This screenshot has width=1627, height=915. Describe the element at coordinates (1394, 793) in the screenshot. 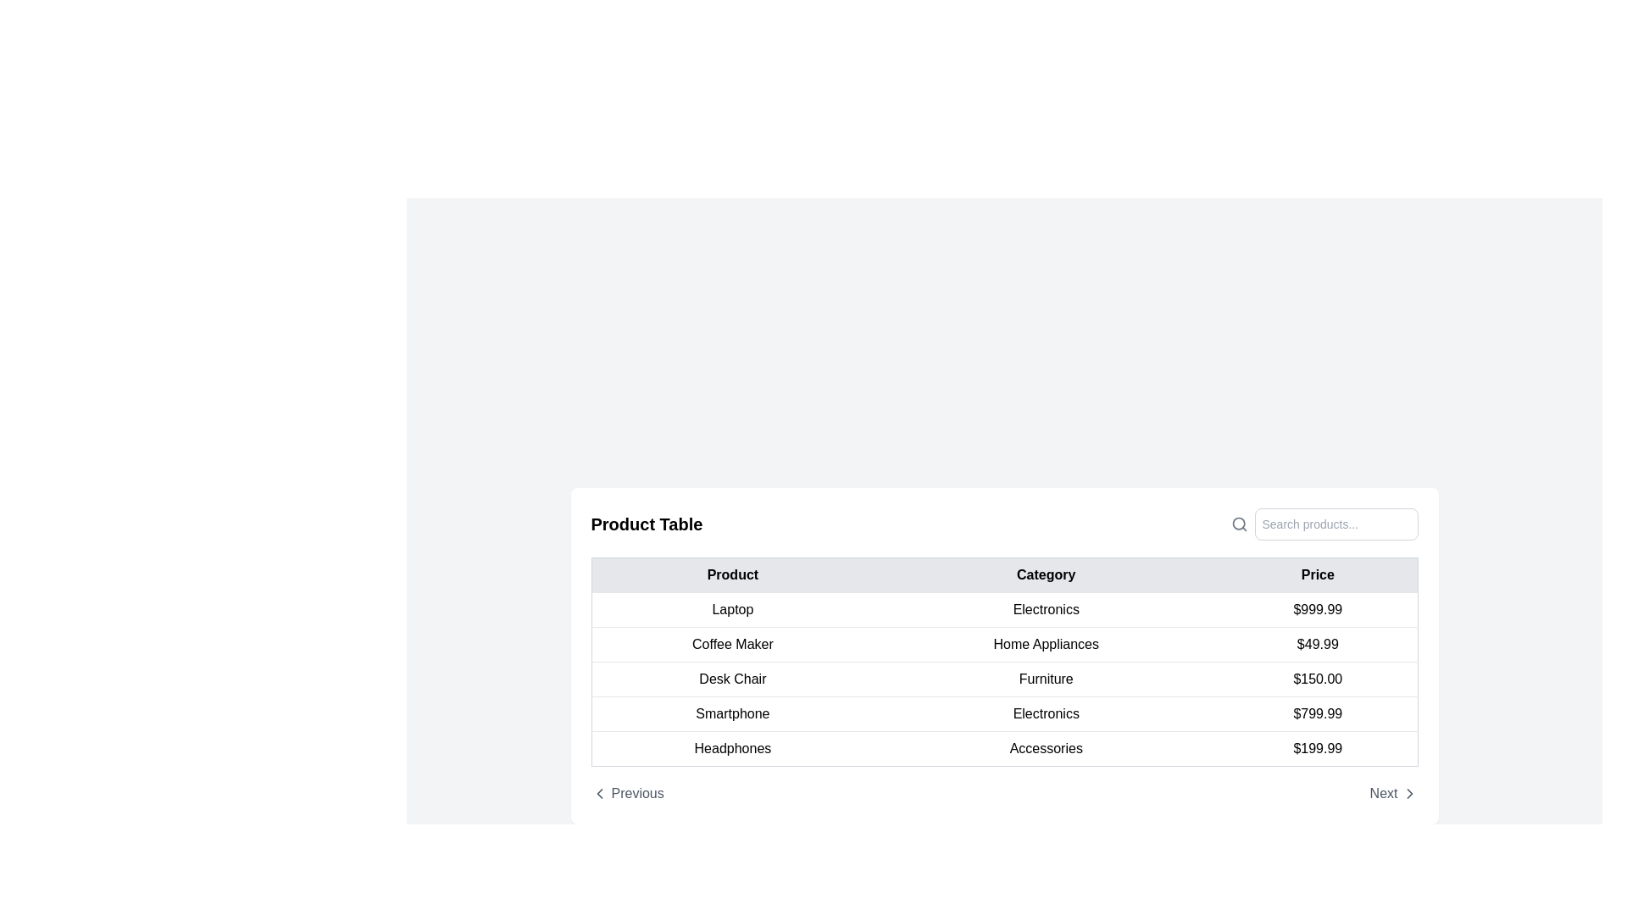

I see `the 'Next' button which features the text 'Next' and a right-facing chevron icon to change its color from gray to black` at that location.